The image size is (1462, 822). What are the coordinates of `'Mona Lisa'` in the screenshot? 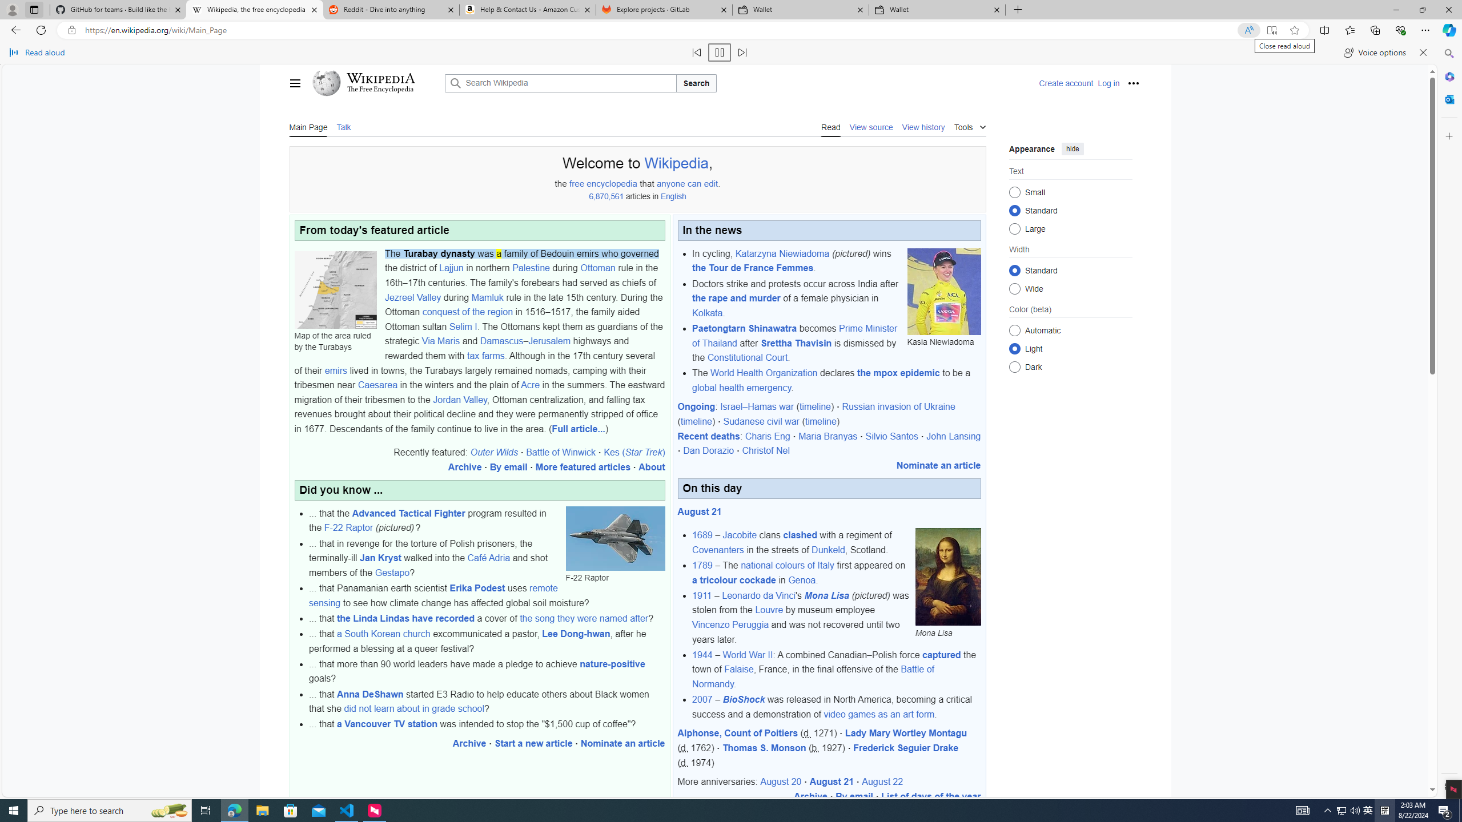 It's located at (947, 577).